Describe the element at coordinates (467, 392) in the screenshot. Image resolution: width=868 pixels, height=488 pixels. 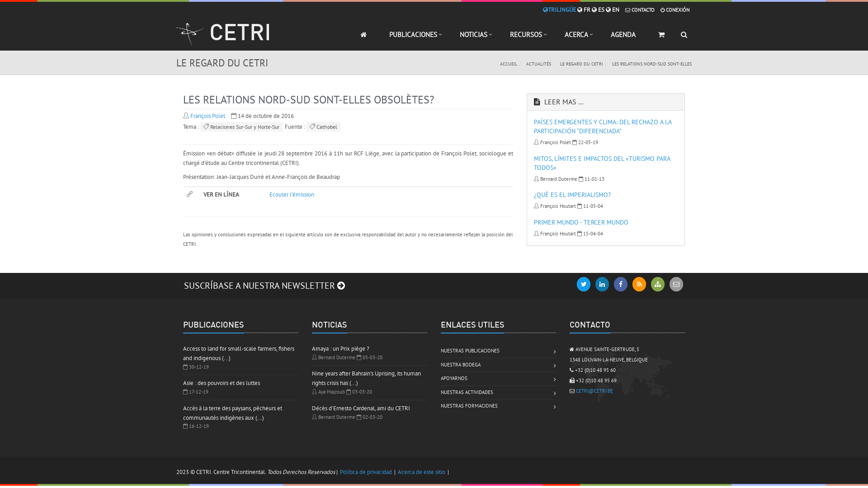
I see `'NUESTRAS ACTIVIDADES'` at that location.